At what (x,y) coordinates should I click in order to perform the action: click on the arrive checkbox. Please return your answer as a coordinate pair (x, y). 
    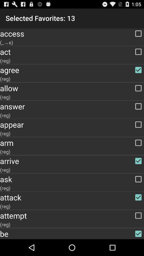
    Looking at the image, I should click on (72, 161).